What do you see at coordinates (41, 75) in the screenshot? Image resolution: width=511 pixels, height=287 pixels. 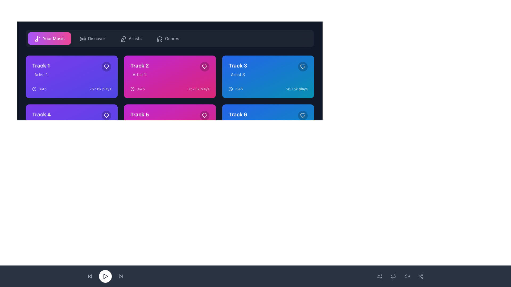 I see `the text label reading 'Artist 1' which is displayed in white color with reduced opacity, located centrally within the purple card labeled 'Track 1', beneath the title text 'Track 1'` at bounding box center [41, 75].